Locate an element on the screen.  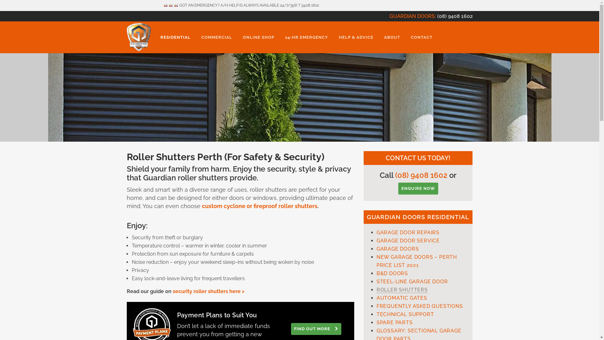
'TECHNICAL SUPPORT' is located at coordinates (405, 314).